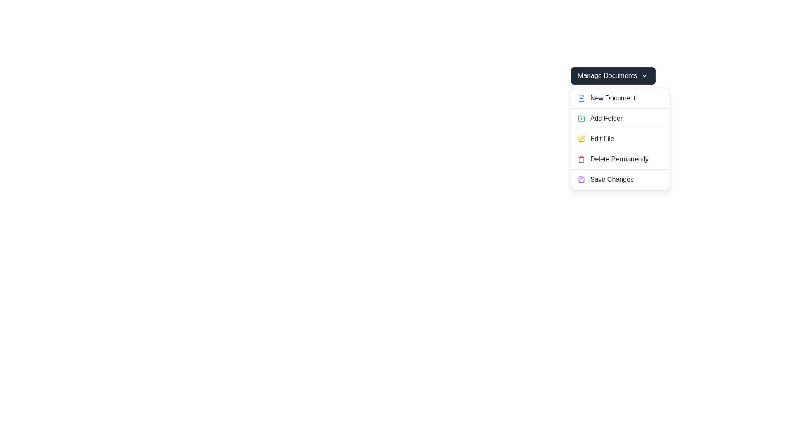 The width and height of the screenshot is (797, 448). I want to click on the 'Add Folder' menu item, which is the second item in the dropdown menu below 'New Document' and above 'Edit File', so click(620, 118).